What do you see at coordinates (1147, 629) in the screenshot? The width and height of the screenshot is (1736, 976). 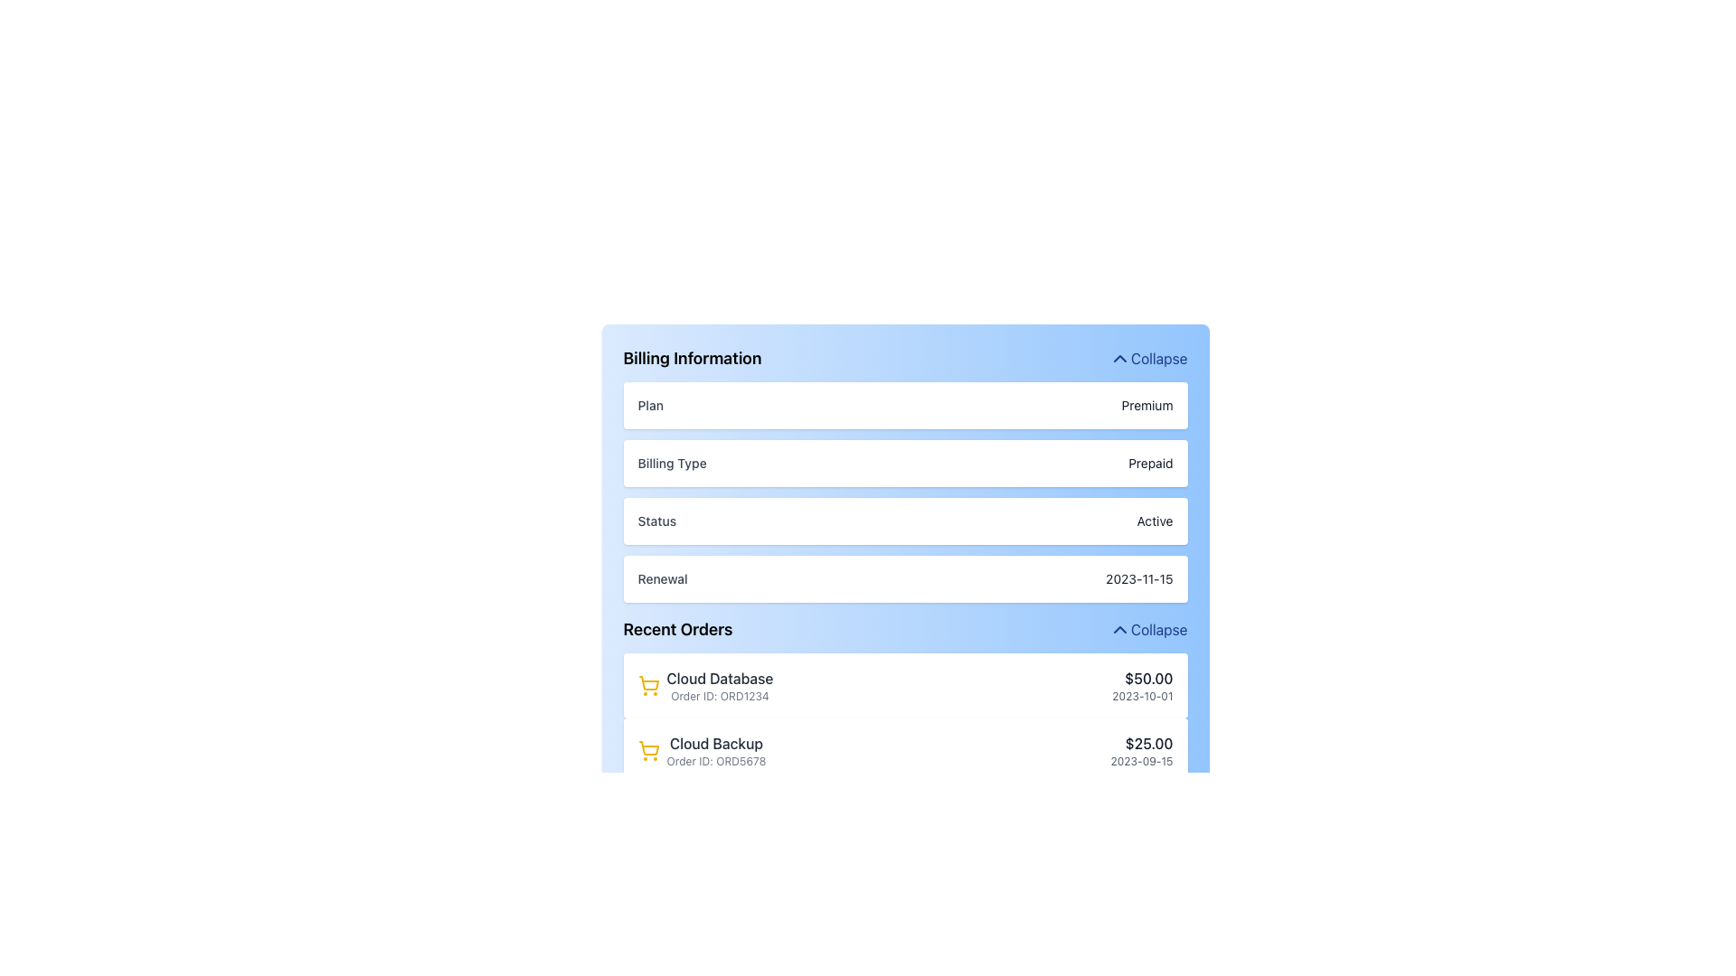 I see `the 'Collapse' button located to the right of the chevron icon in the 'Recent Orders' section` at bounding box center [1147, 629].